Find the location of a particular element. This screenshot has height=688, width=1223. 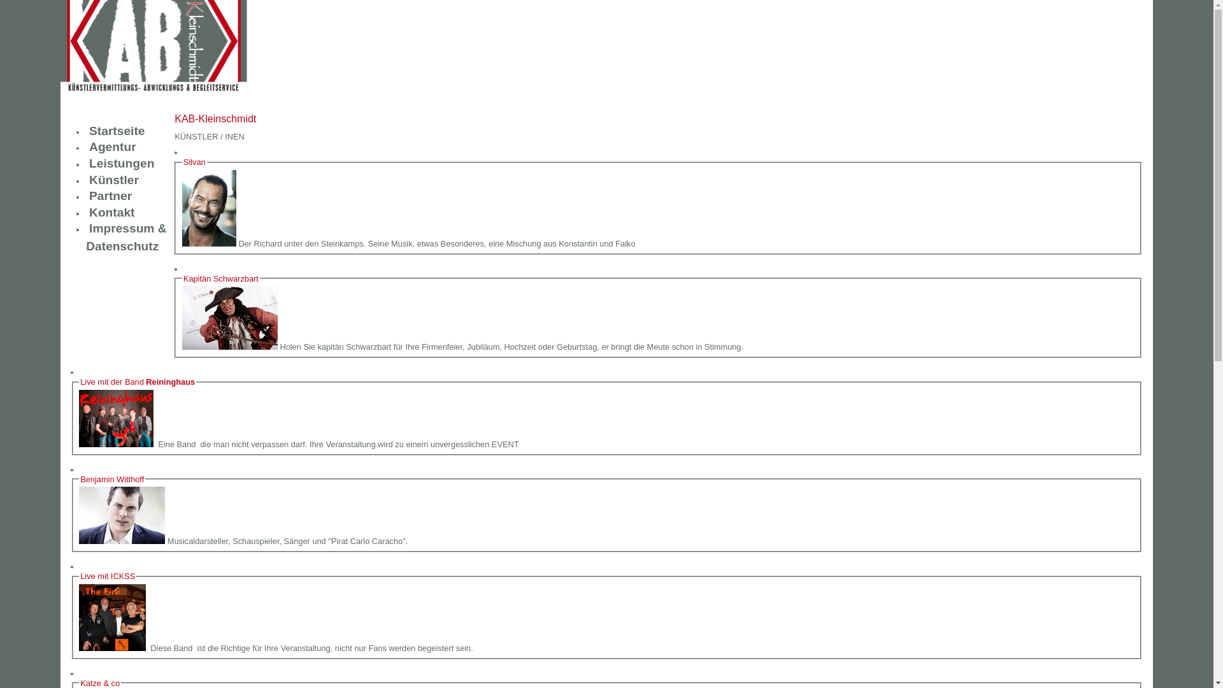

'Benjamin Witthoff' is located at coordinates (79, 479).